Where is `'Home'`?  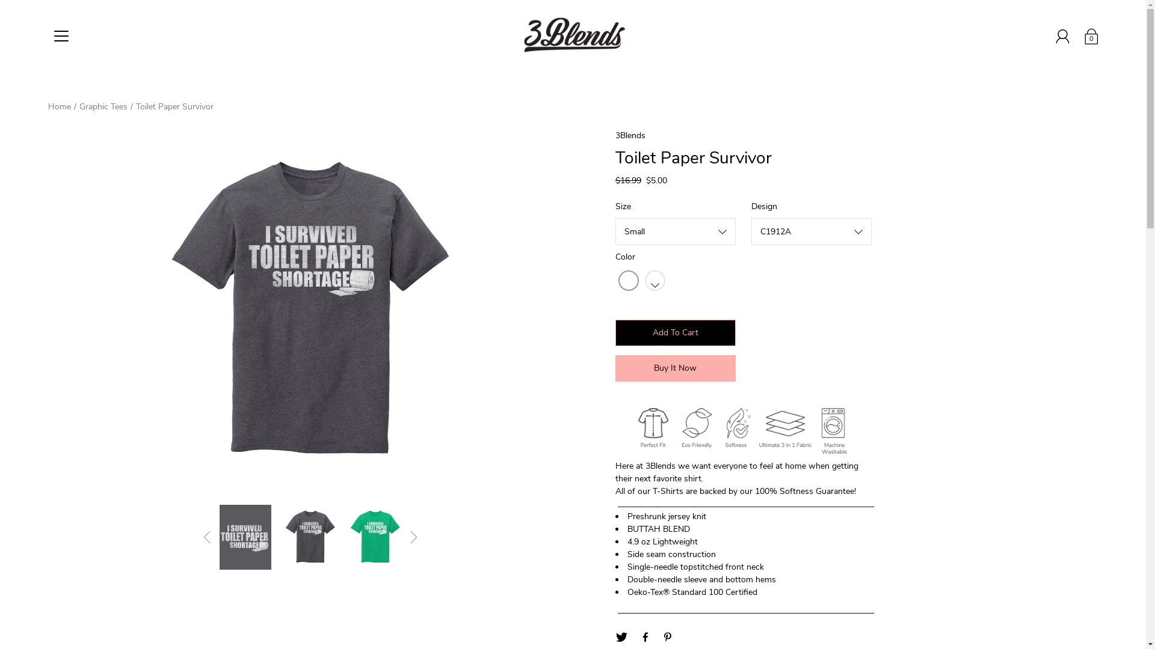 'Home' is located at coordinates (59, 106).